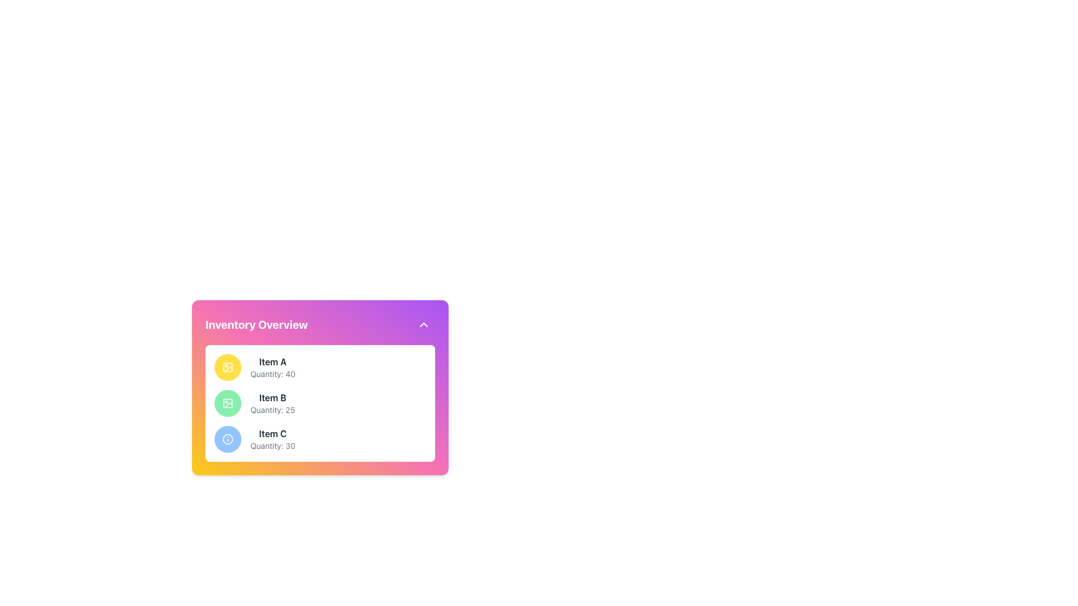 The height and width of the screenshot is (606, 1078). Describe the element at coordinates (227, 439) in the screenshot. I see `the circular light blue icon with a white border and an information symbol, which is the third item in the vertical list labeled 'Inventory Overview'` at that location.